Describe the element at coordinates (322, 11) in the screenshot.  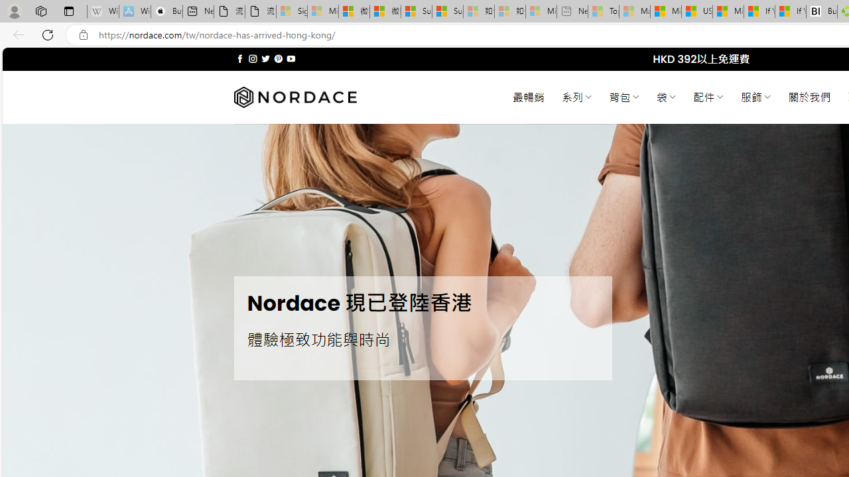
I see `'Microsoft Services Agreement - Sleeping'` at that location.